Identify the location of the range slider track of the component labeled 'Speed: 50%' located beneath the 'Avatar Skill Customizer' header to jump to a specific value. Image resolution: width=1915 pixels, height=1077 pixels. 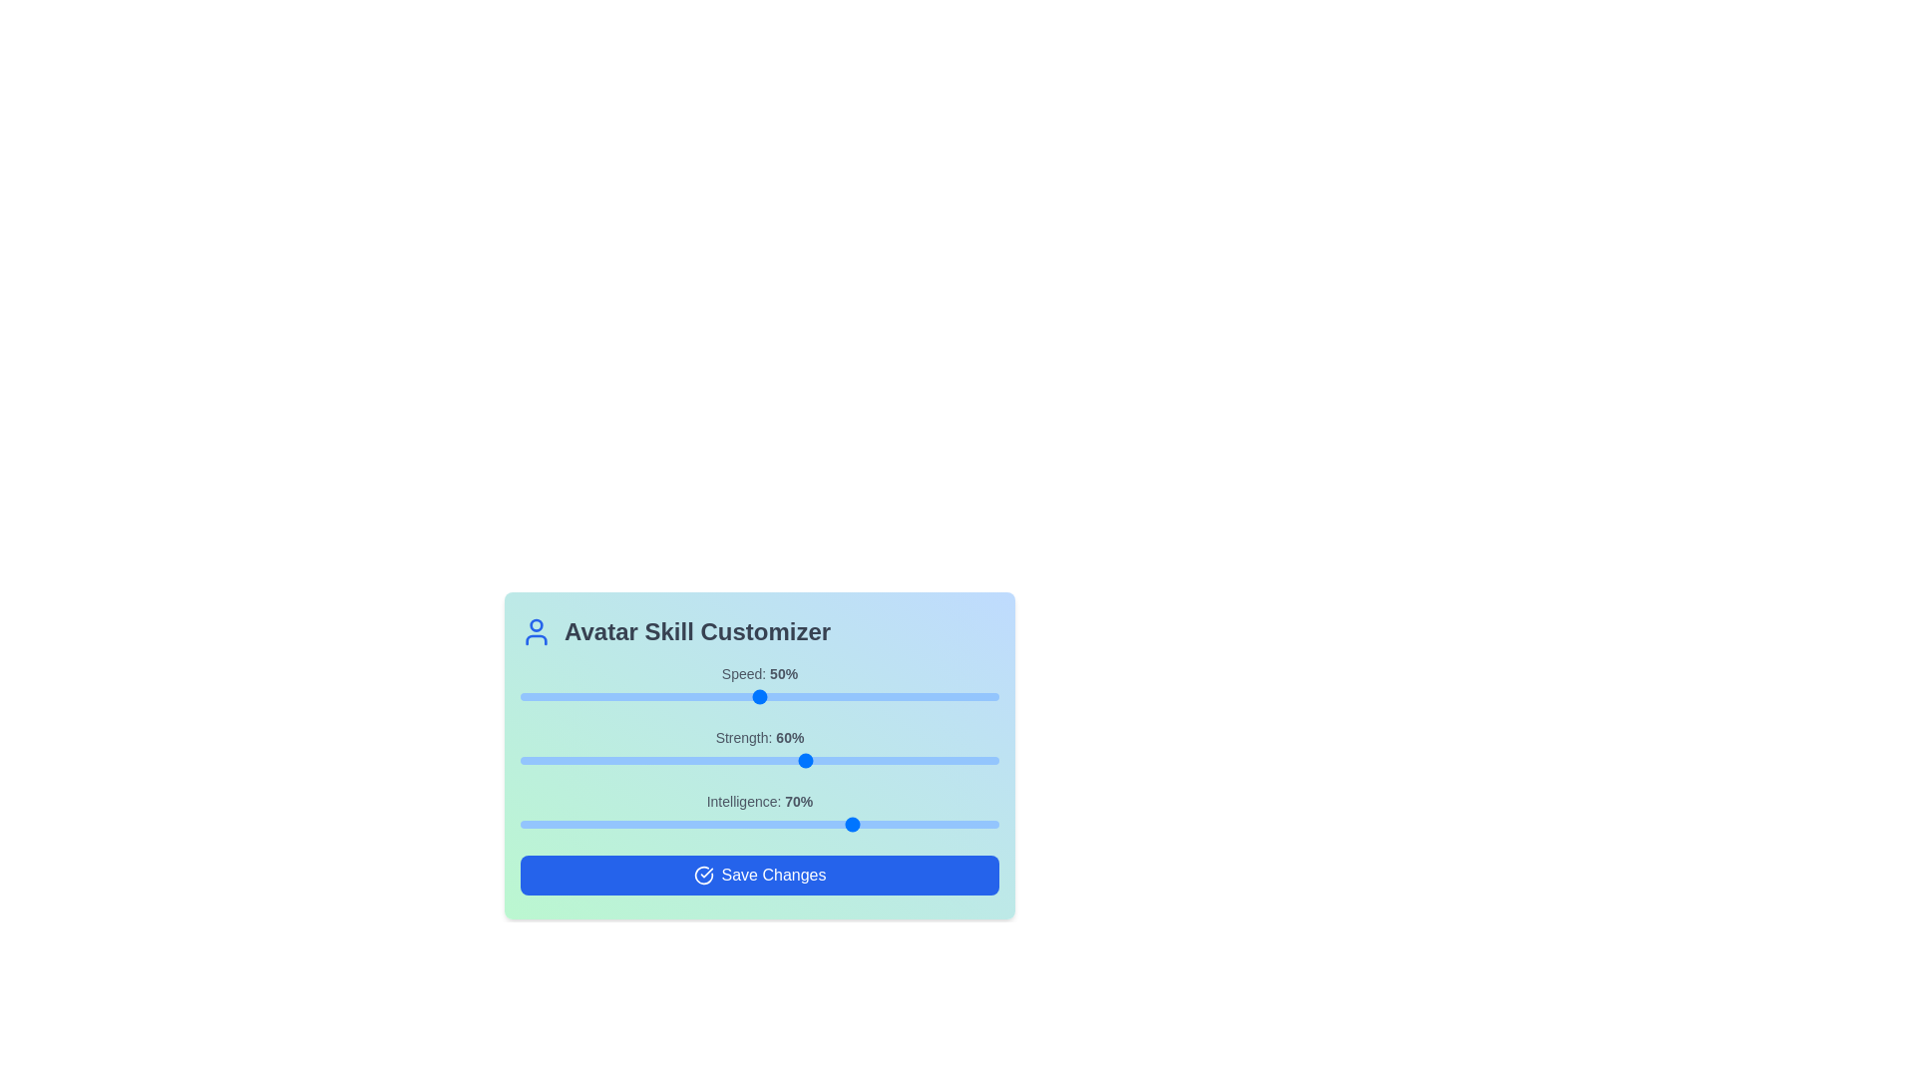
(759, 684).